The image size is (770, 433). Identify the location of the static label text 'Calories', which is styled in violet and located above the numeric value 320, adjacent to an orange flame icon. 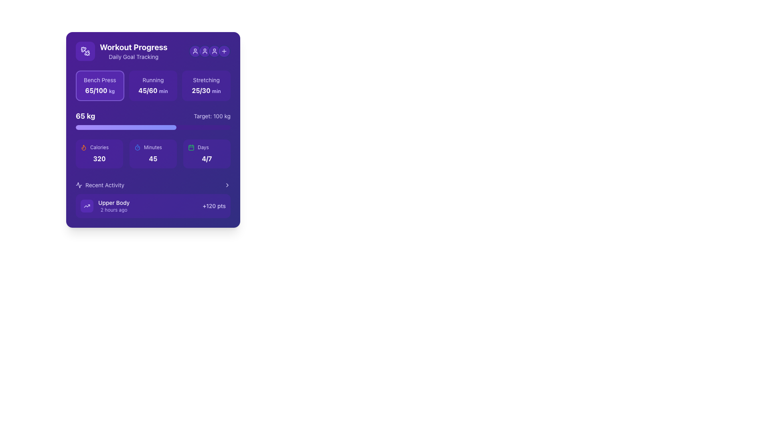
(99, 147).